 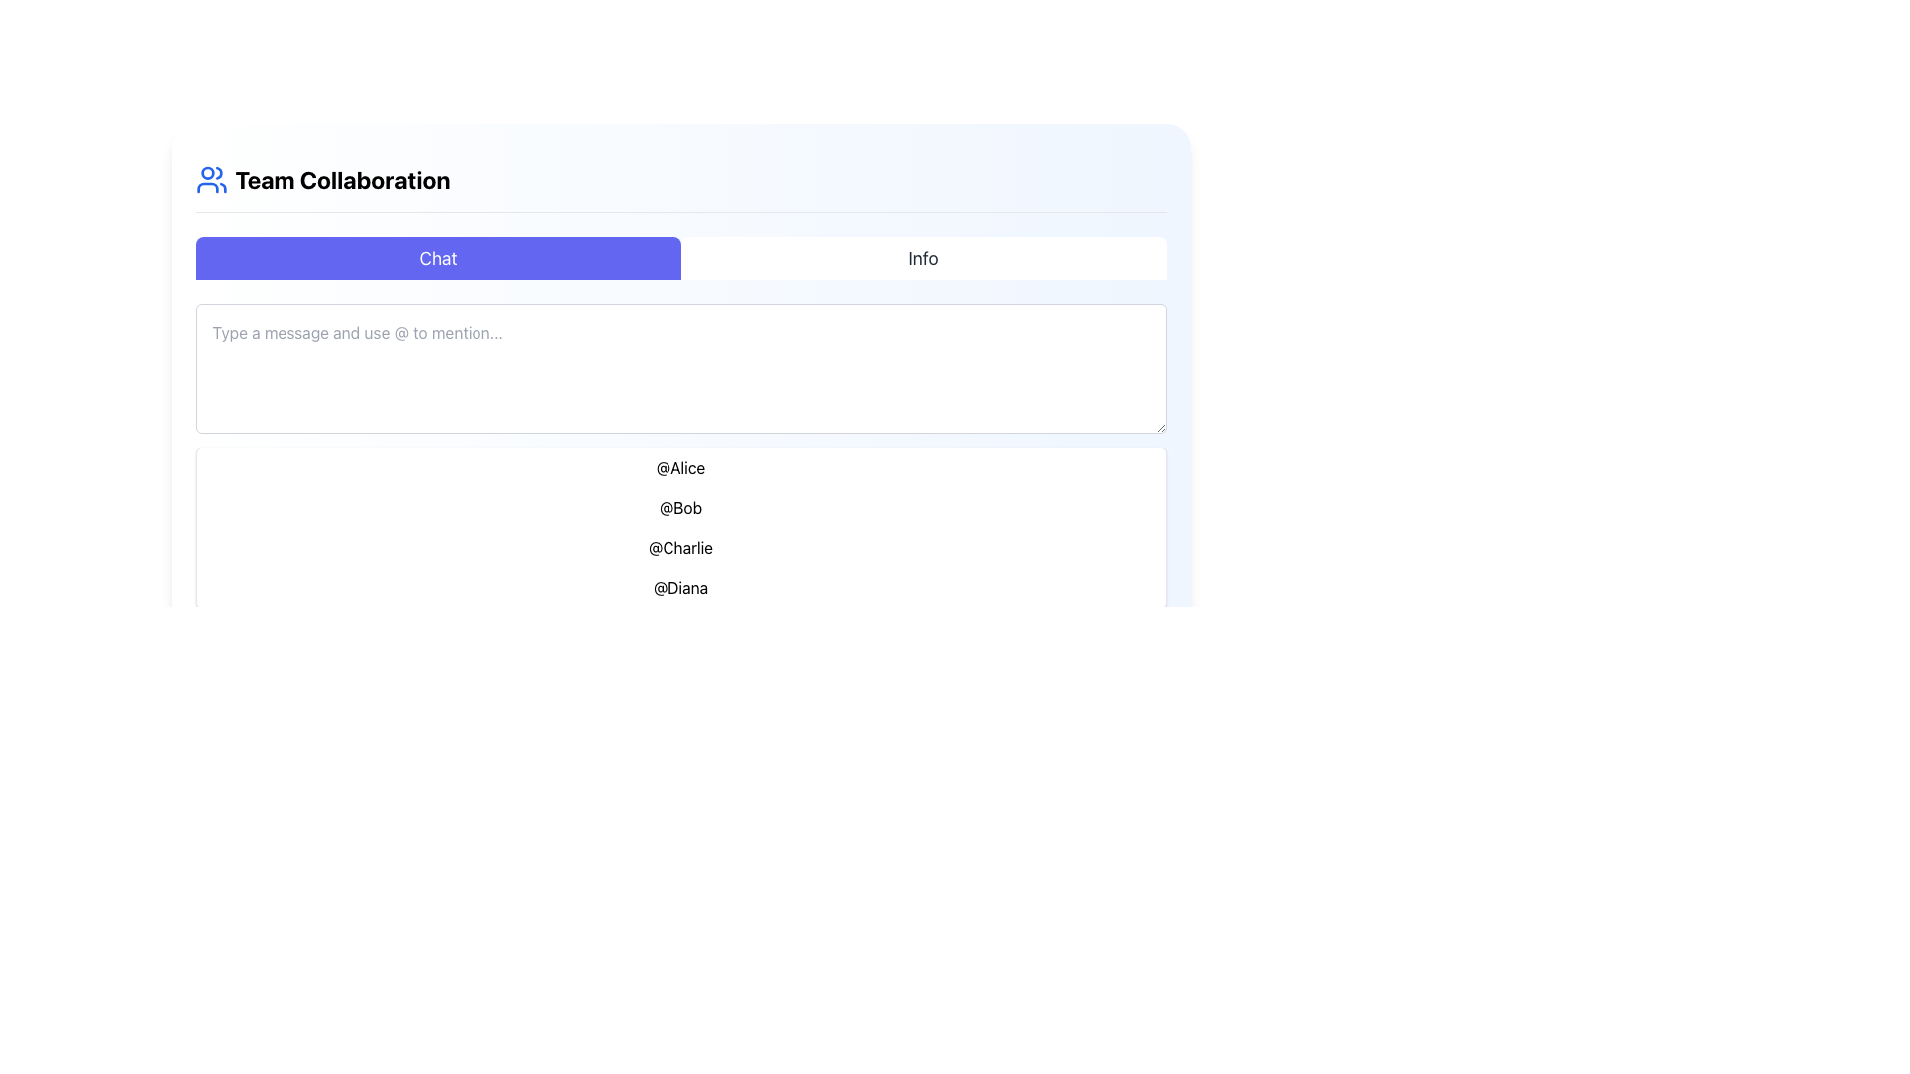 What do you see at coordinates (437, 257) in the screenshot?
I see `the 'Chat' tab button located at the top left of the header bar` at bounding box center [437, 257].